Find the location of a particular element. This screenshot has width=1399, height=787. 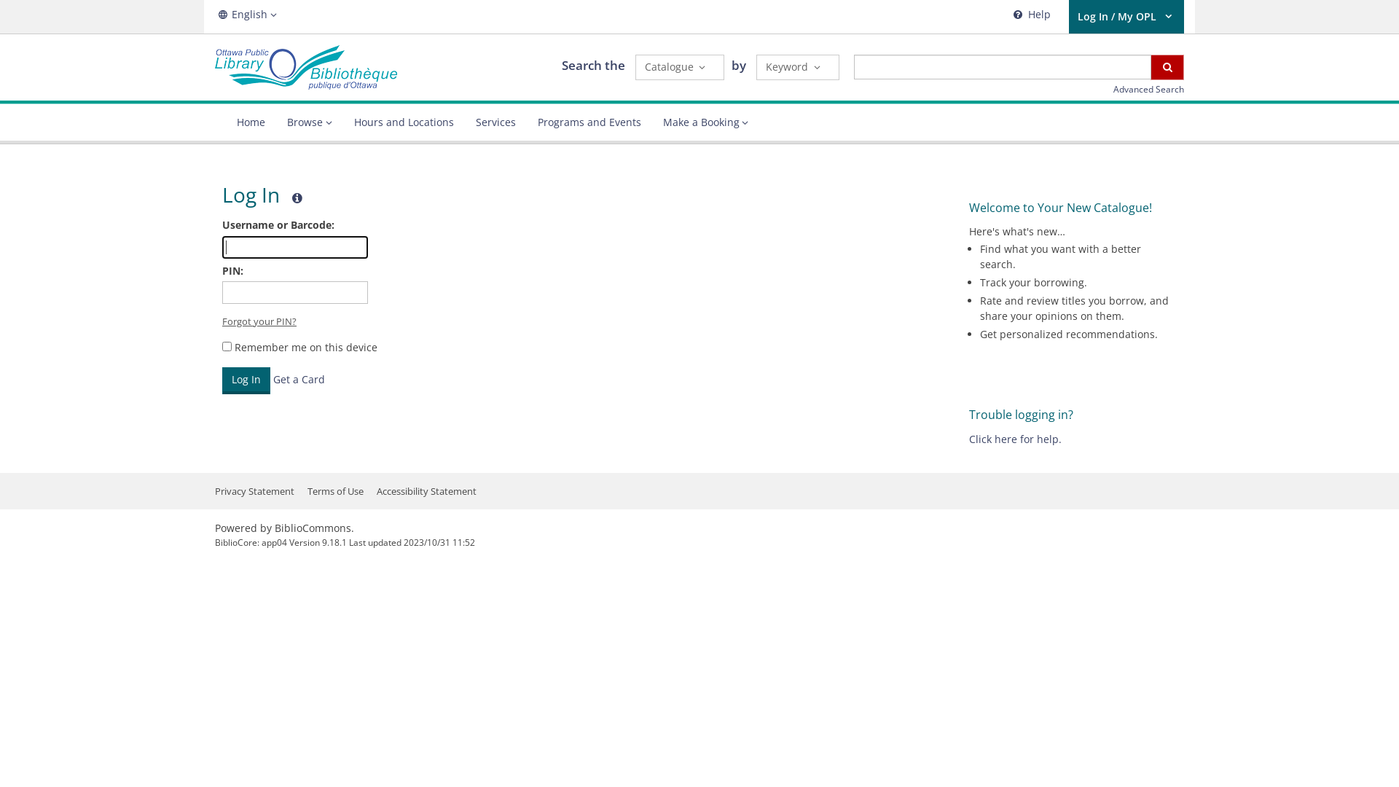

'Browse is located at coordinates (309, 122).